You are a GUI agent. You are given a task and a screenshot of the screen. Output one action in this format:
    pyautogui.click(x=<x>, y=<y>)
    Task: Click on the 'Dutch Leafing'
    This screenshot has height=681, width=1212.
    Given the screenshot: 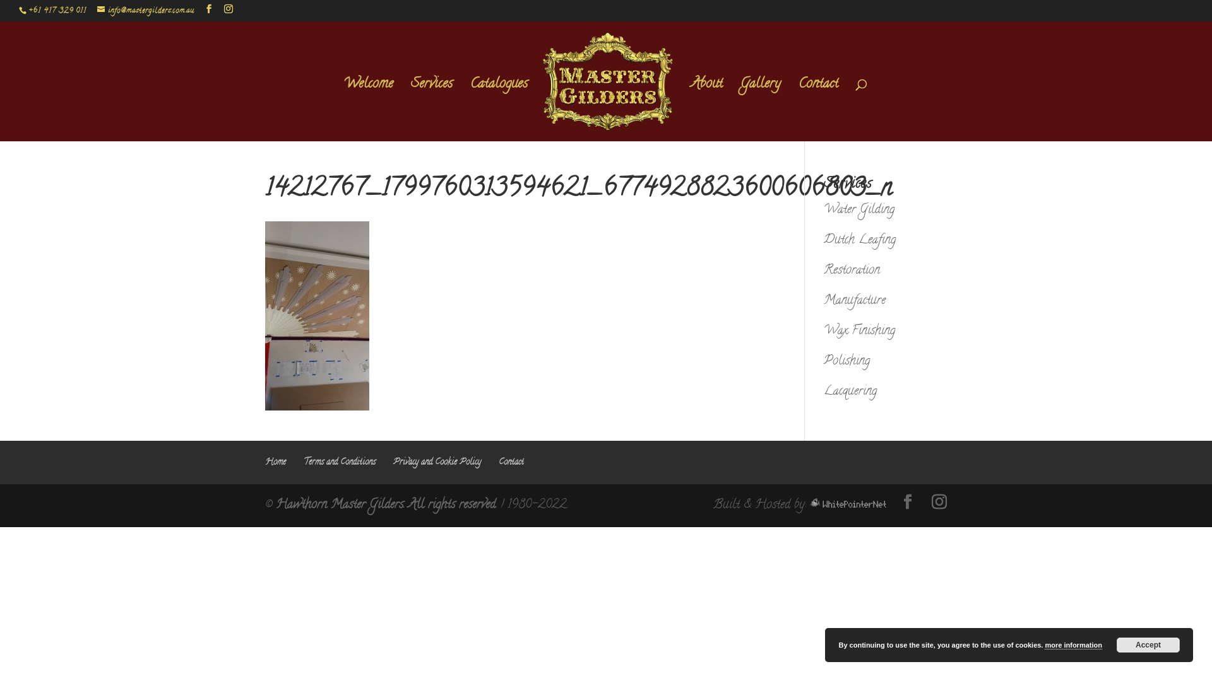 What is the action you would take?
    pyautogui.click(x=859, y=240)
    